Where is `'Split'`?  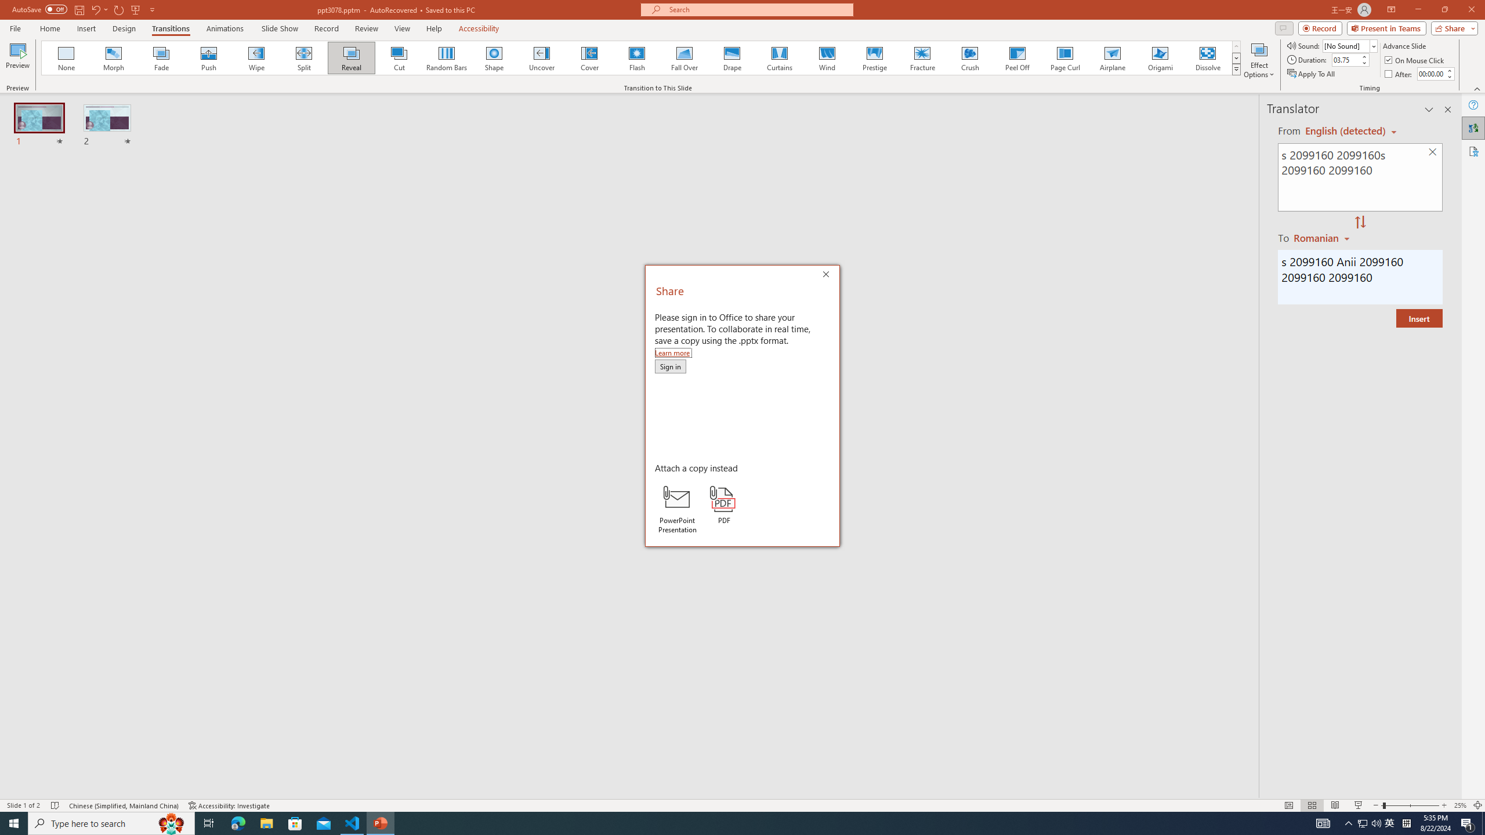 'Split' is located at coordinates (303, 57).